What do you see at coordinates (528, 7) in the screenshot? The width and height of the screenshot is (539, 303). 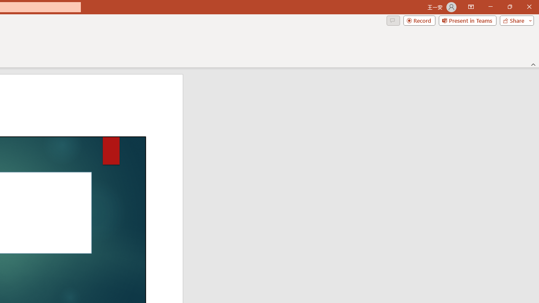 I see `'Close'` at bounding box center [528, 7].